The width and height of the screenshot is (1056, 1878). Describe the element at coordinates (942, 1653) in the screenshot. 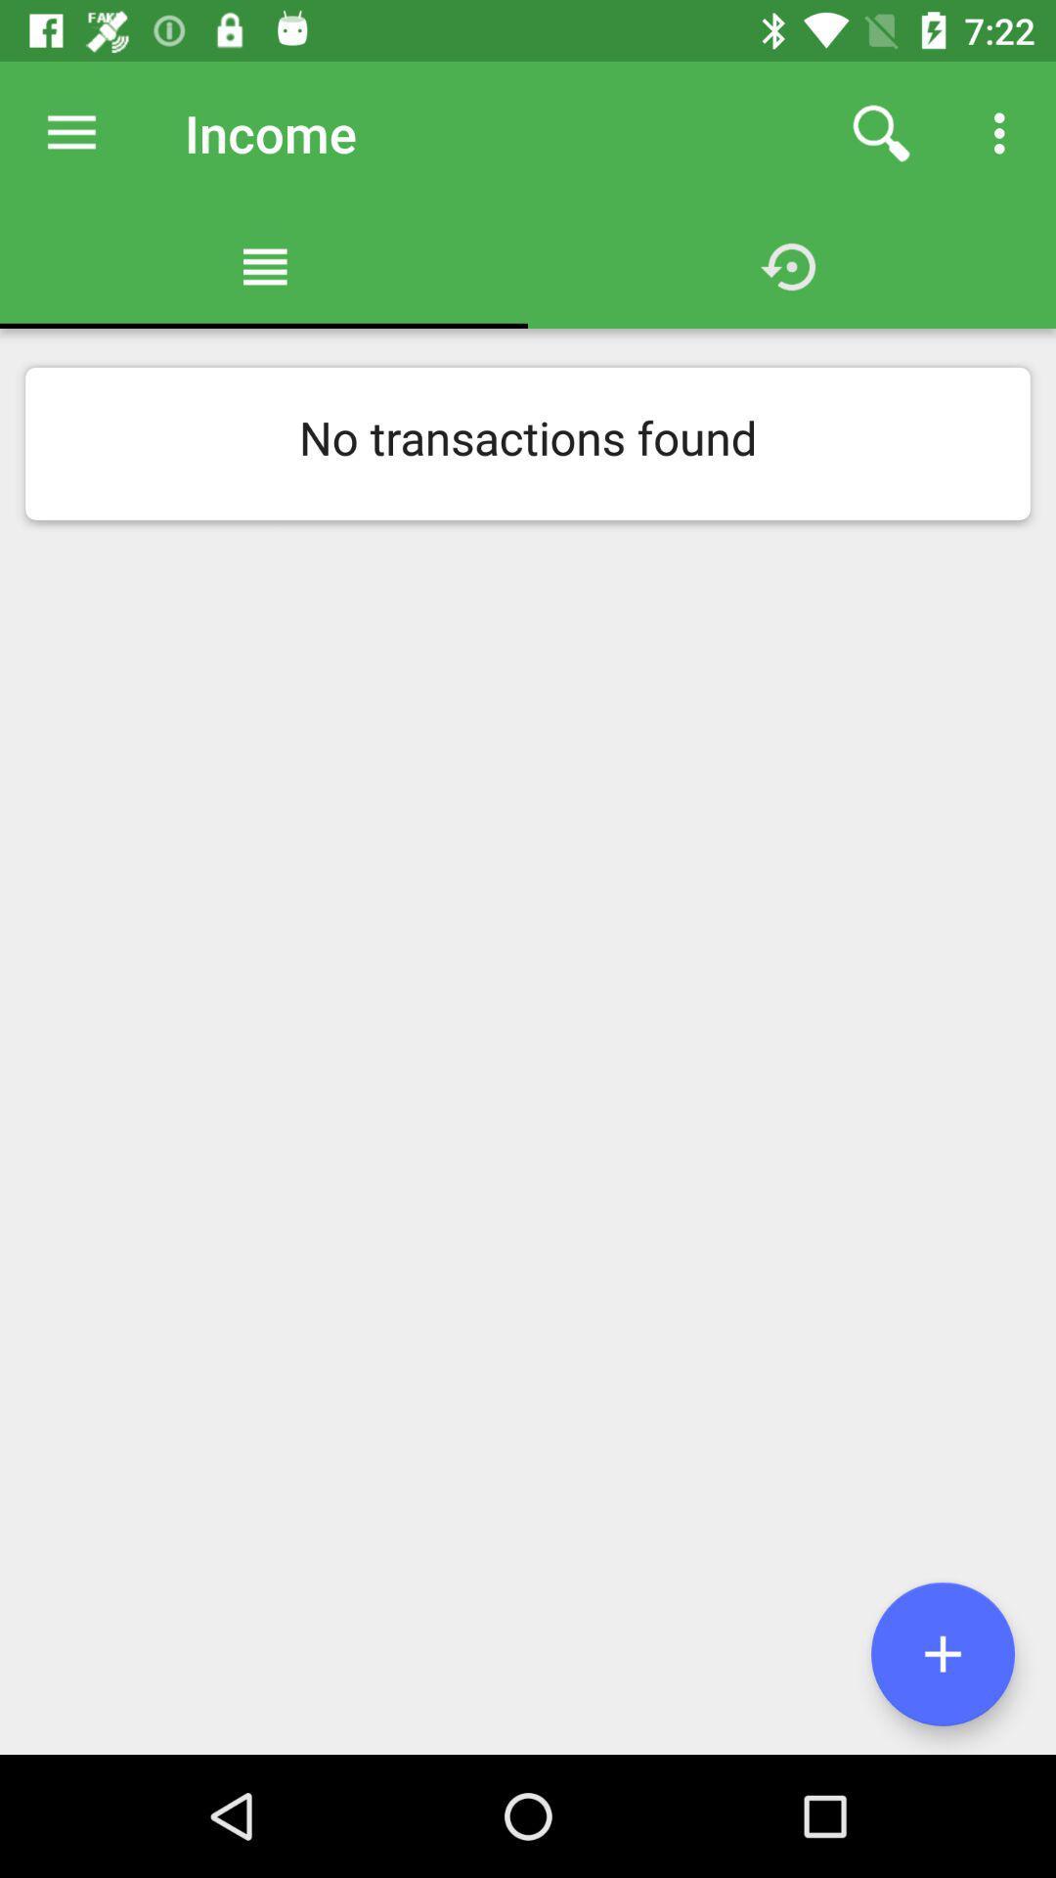

I see `more option` at that location.